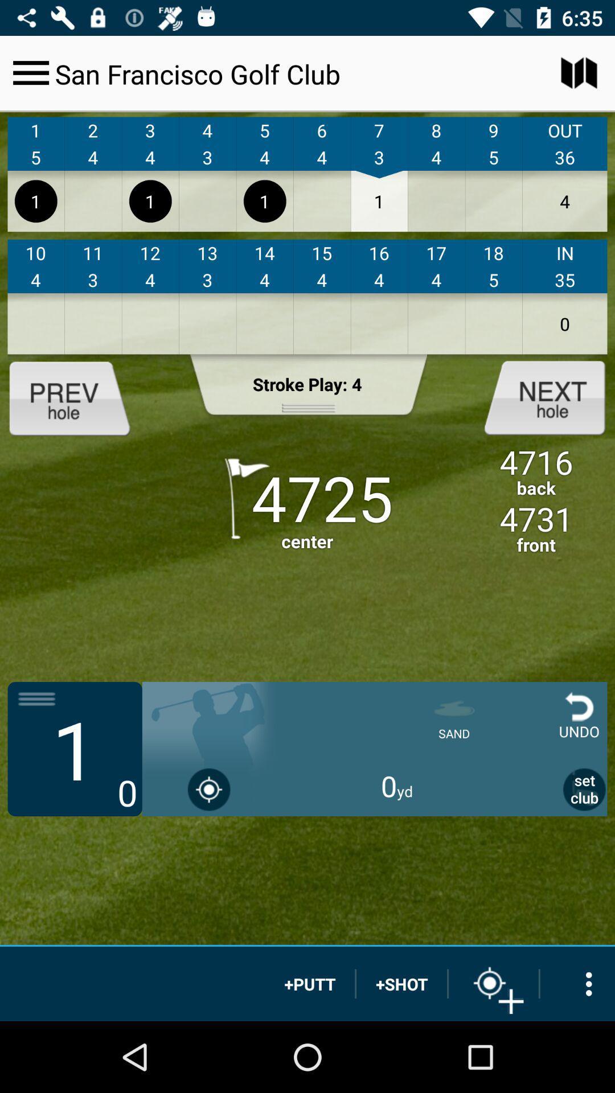 This screenshot has width=615, height=1093. Describe the element at coordinates (493, 983) in the screenshot. I see `location gps add` at that location.